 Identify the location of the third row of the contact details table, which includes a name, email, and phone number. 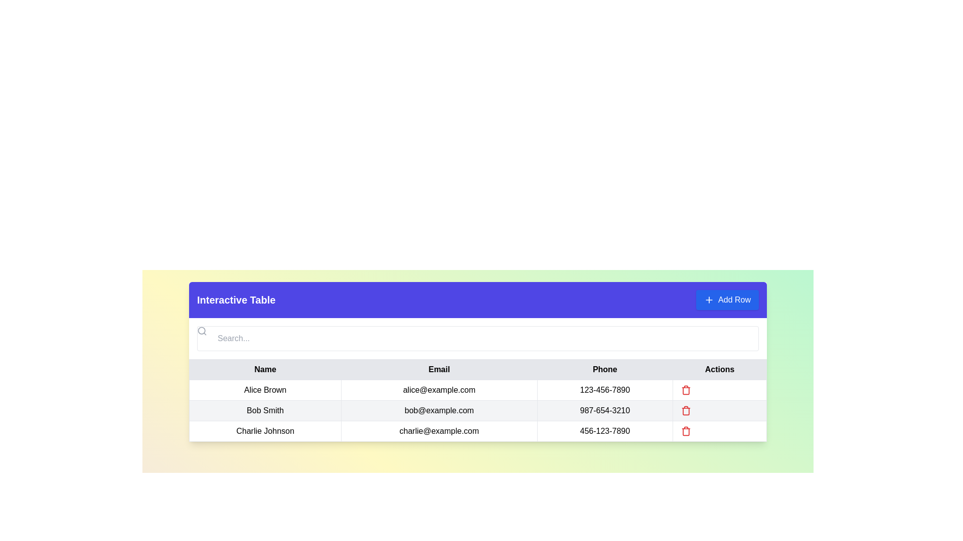
(477, 430).